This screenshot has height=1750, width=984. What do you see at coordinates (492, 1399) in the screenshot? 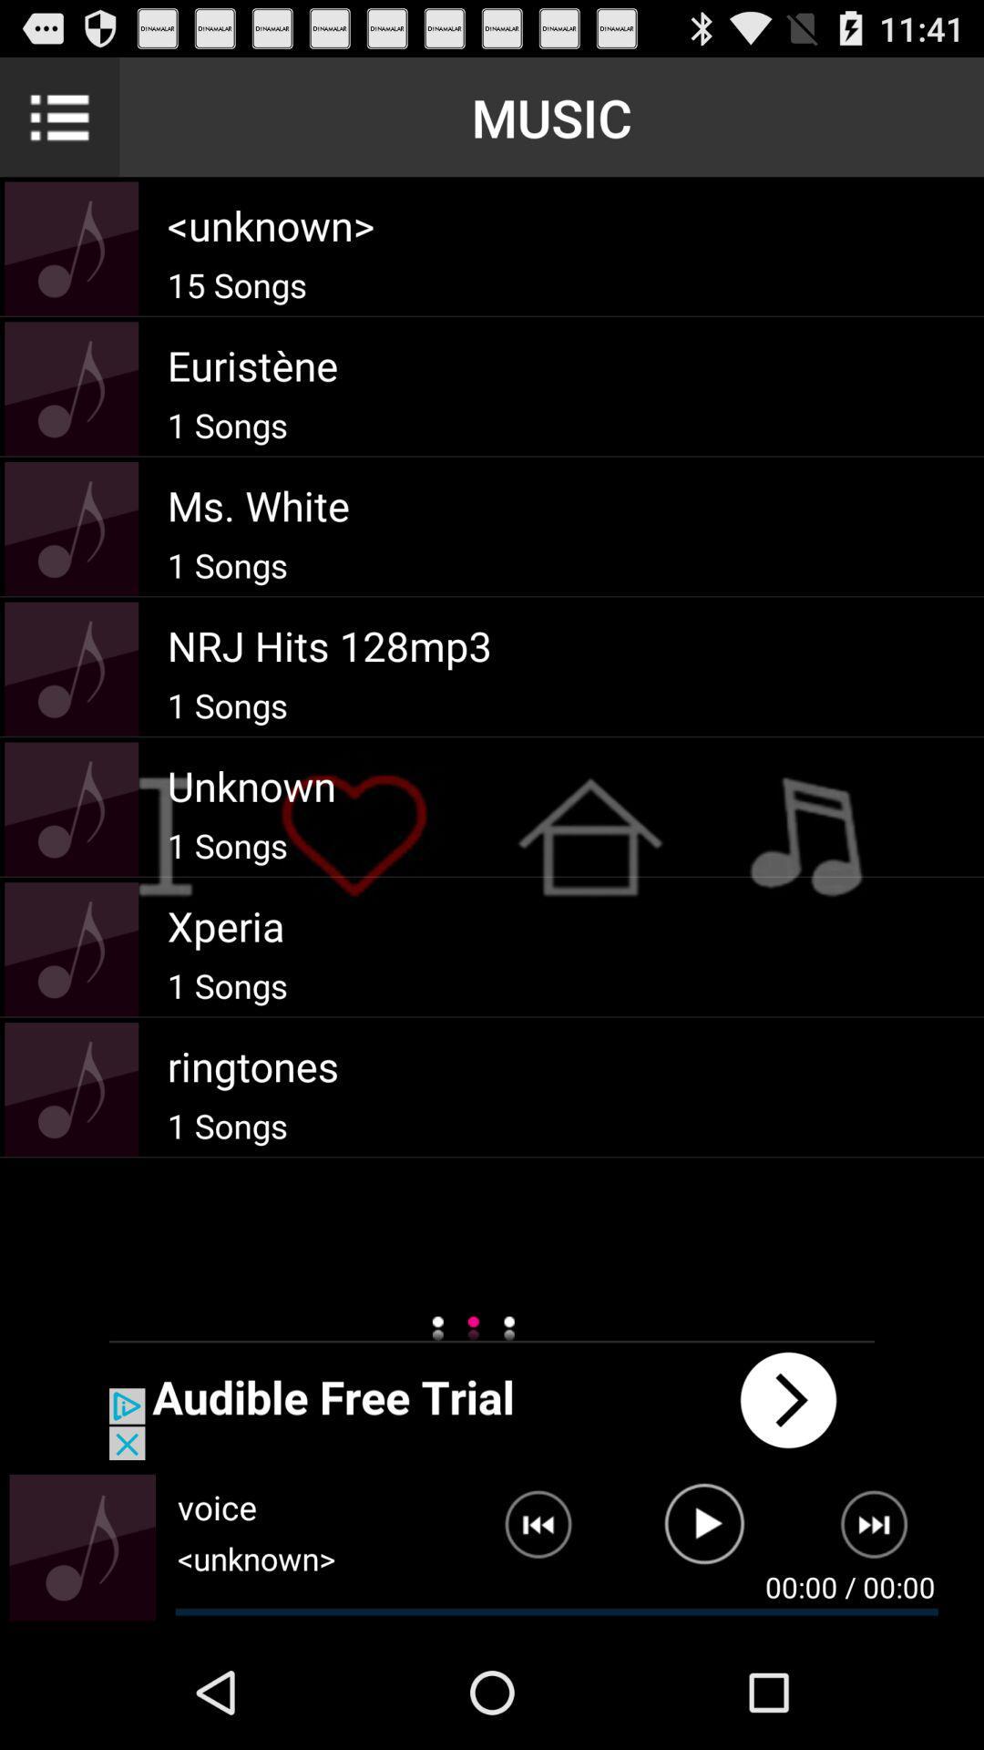
I see `next button` at bounding box center [492, 1399].